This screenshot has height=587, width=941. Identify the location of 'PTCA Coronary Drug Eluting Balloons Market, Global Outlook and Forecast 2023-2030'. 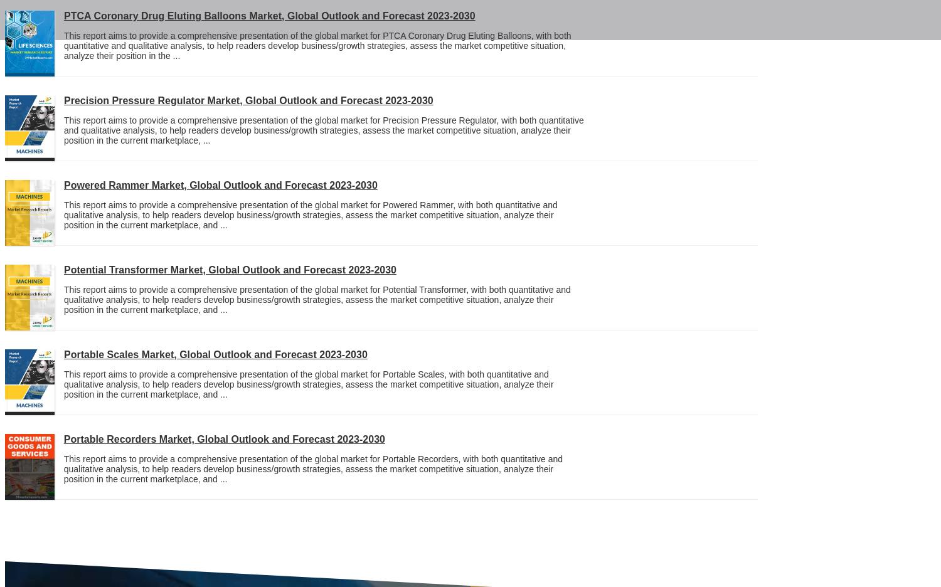
(269, 15).